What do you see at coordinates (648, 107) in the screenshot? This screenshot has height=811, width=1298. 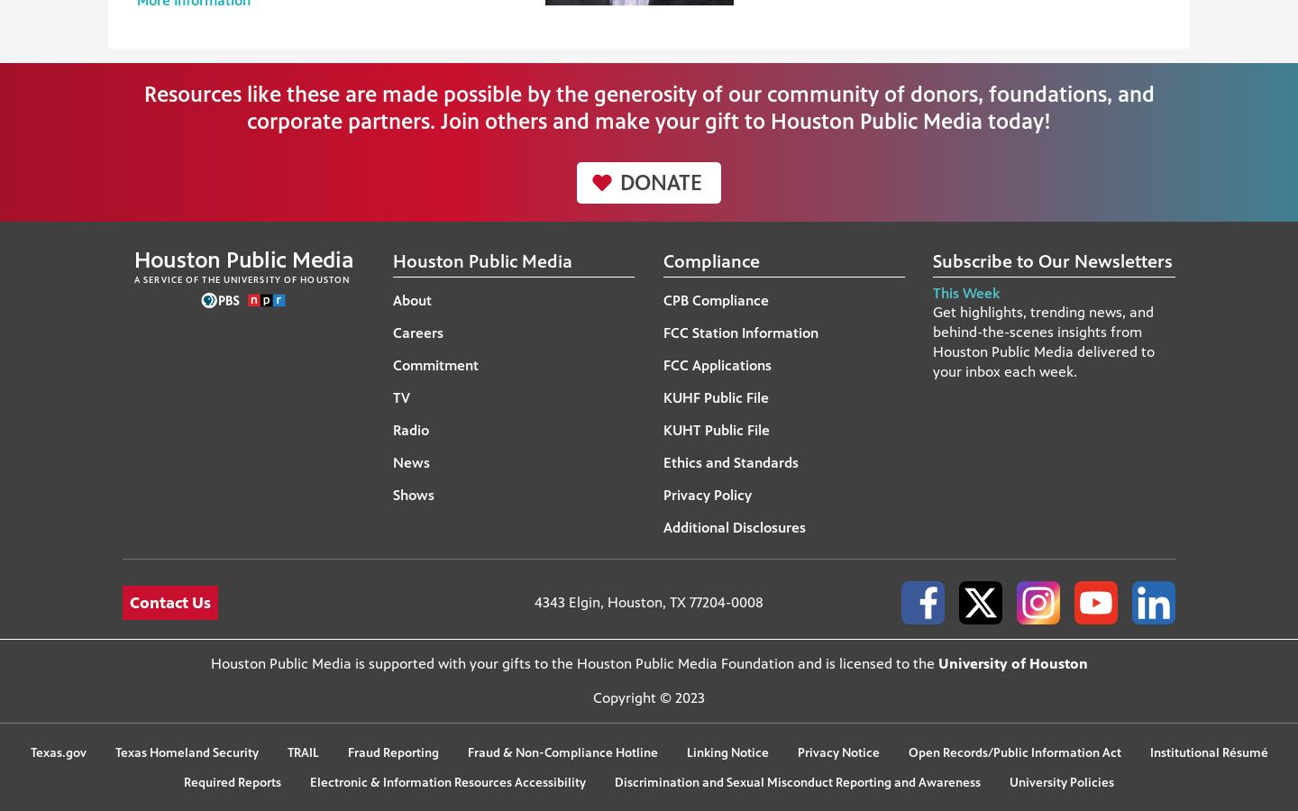 I see `'Resources like these are made possible by the generosity of our community of donors, foundations, and corporate partners. Join others and make your gift to Houston Public Media today!'` at bounding box center [648, 107].